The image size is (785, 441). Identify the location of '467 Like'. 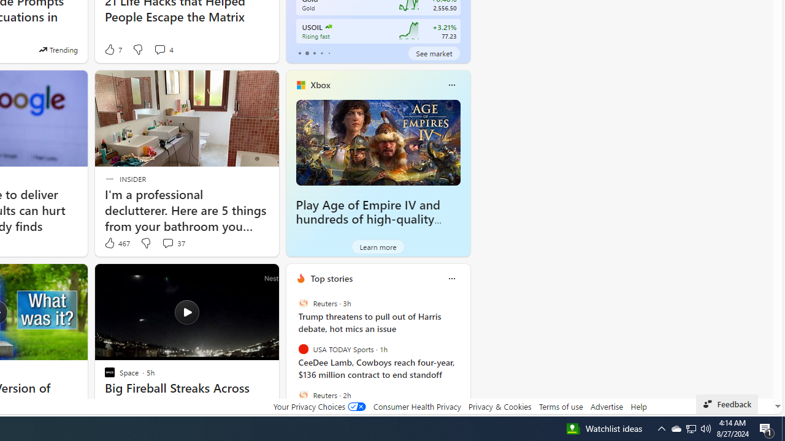
(117, 243).